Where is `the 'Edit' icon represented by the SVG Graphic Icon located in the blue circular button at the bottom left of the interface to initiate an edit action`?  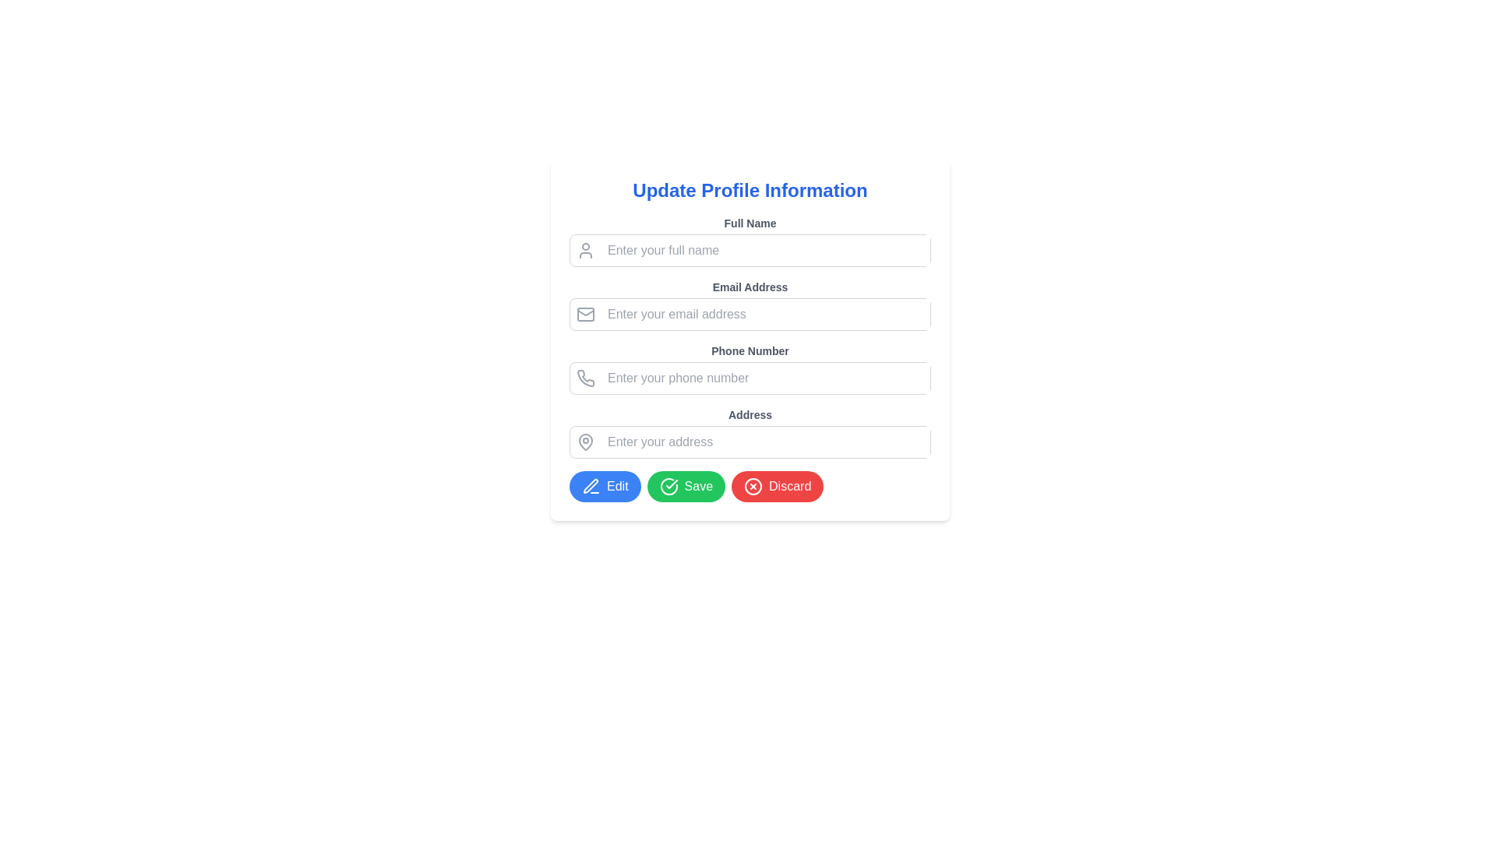
the 'Edit' icon represented by the SVG Graphic Icon located in the blue circular button at the bottom left of the interface to initiate an edit action is located at coordinates (590, 485).